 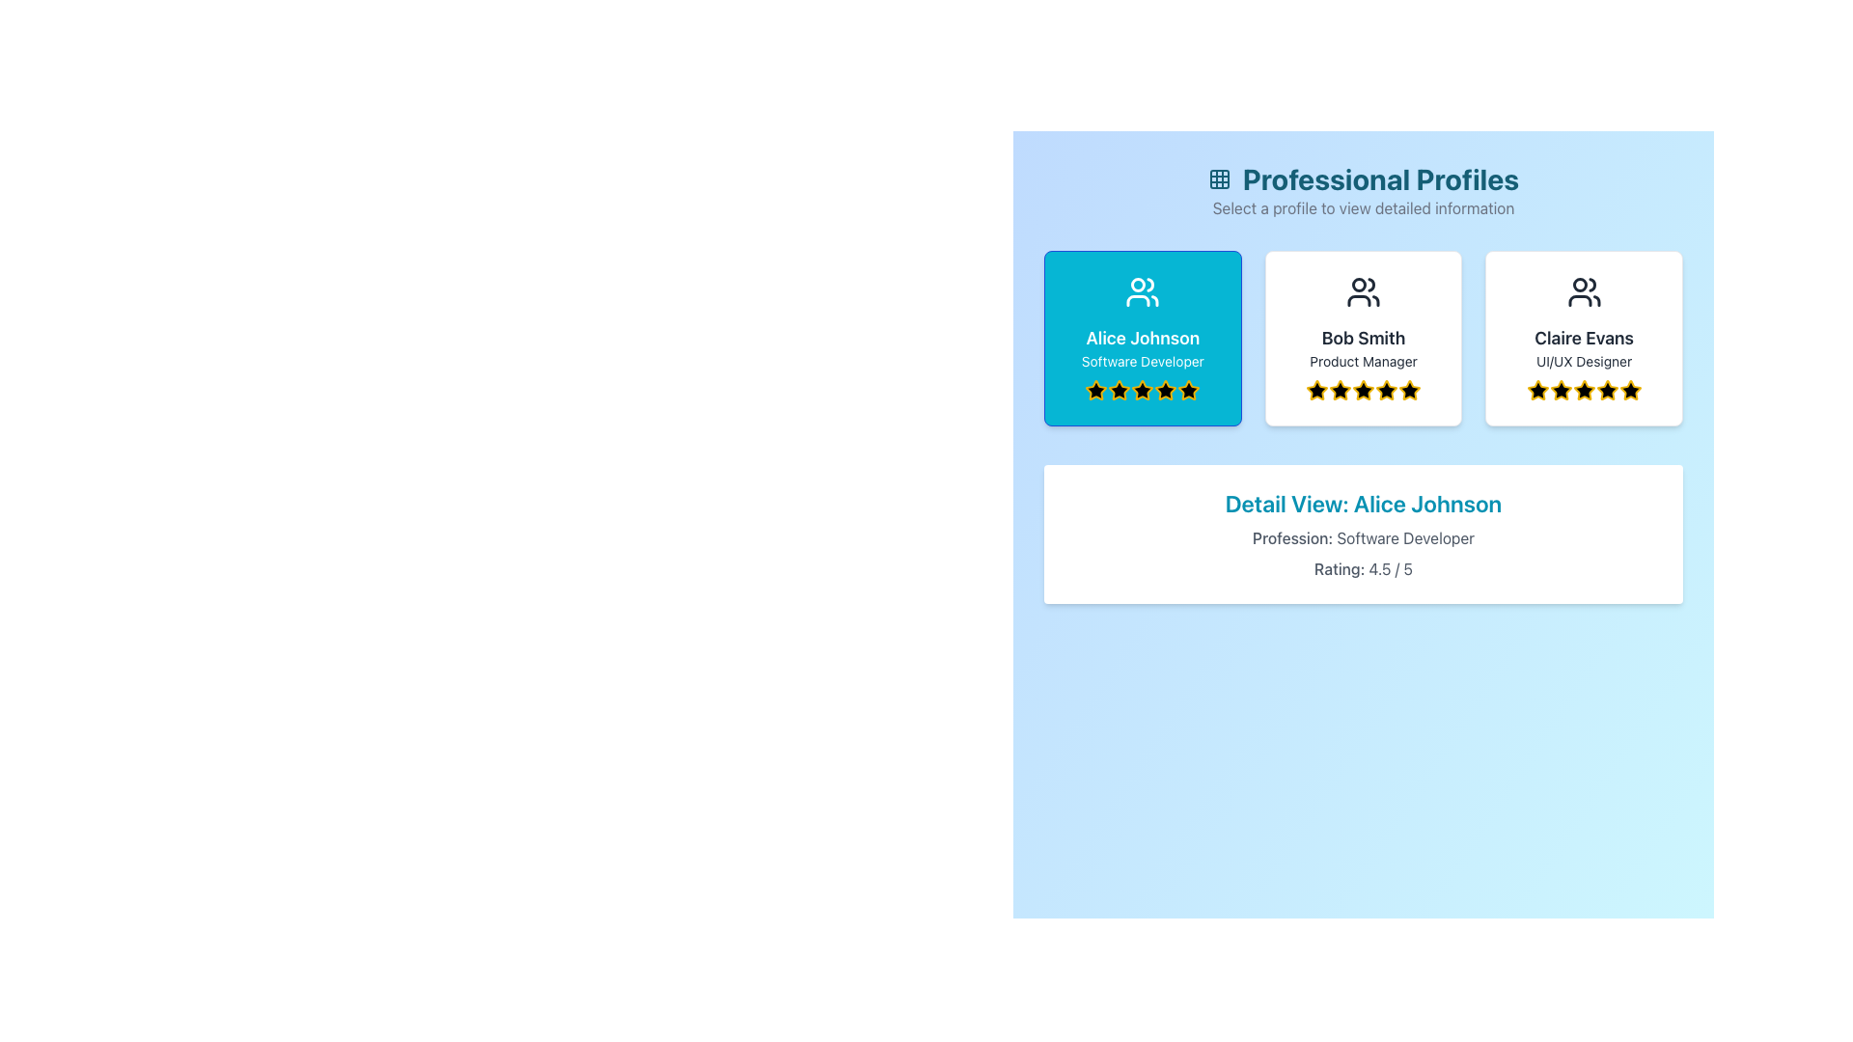 What do you see at coordinates (1143, 391) in the screenshot?
I see `the third yellow star rating icon in the profile card for 'Alice Johnson - Software Developer'` at bounding box center [1143, 391].